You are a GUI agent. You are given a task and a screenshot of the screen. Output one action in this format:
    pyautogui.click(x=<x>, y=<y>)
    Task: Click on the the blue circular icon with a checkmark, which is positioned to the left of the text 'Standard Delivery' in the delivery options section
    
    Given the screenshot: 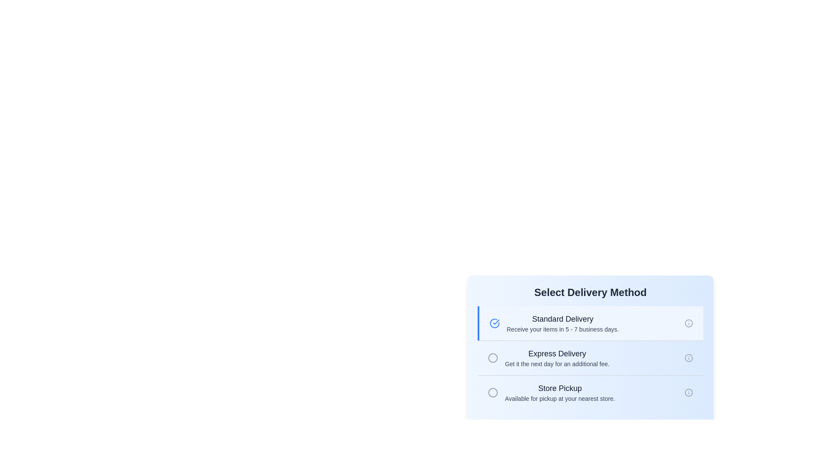 What is the action you would take?
    pyautogui.click(x=494, y=323)
    